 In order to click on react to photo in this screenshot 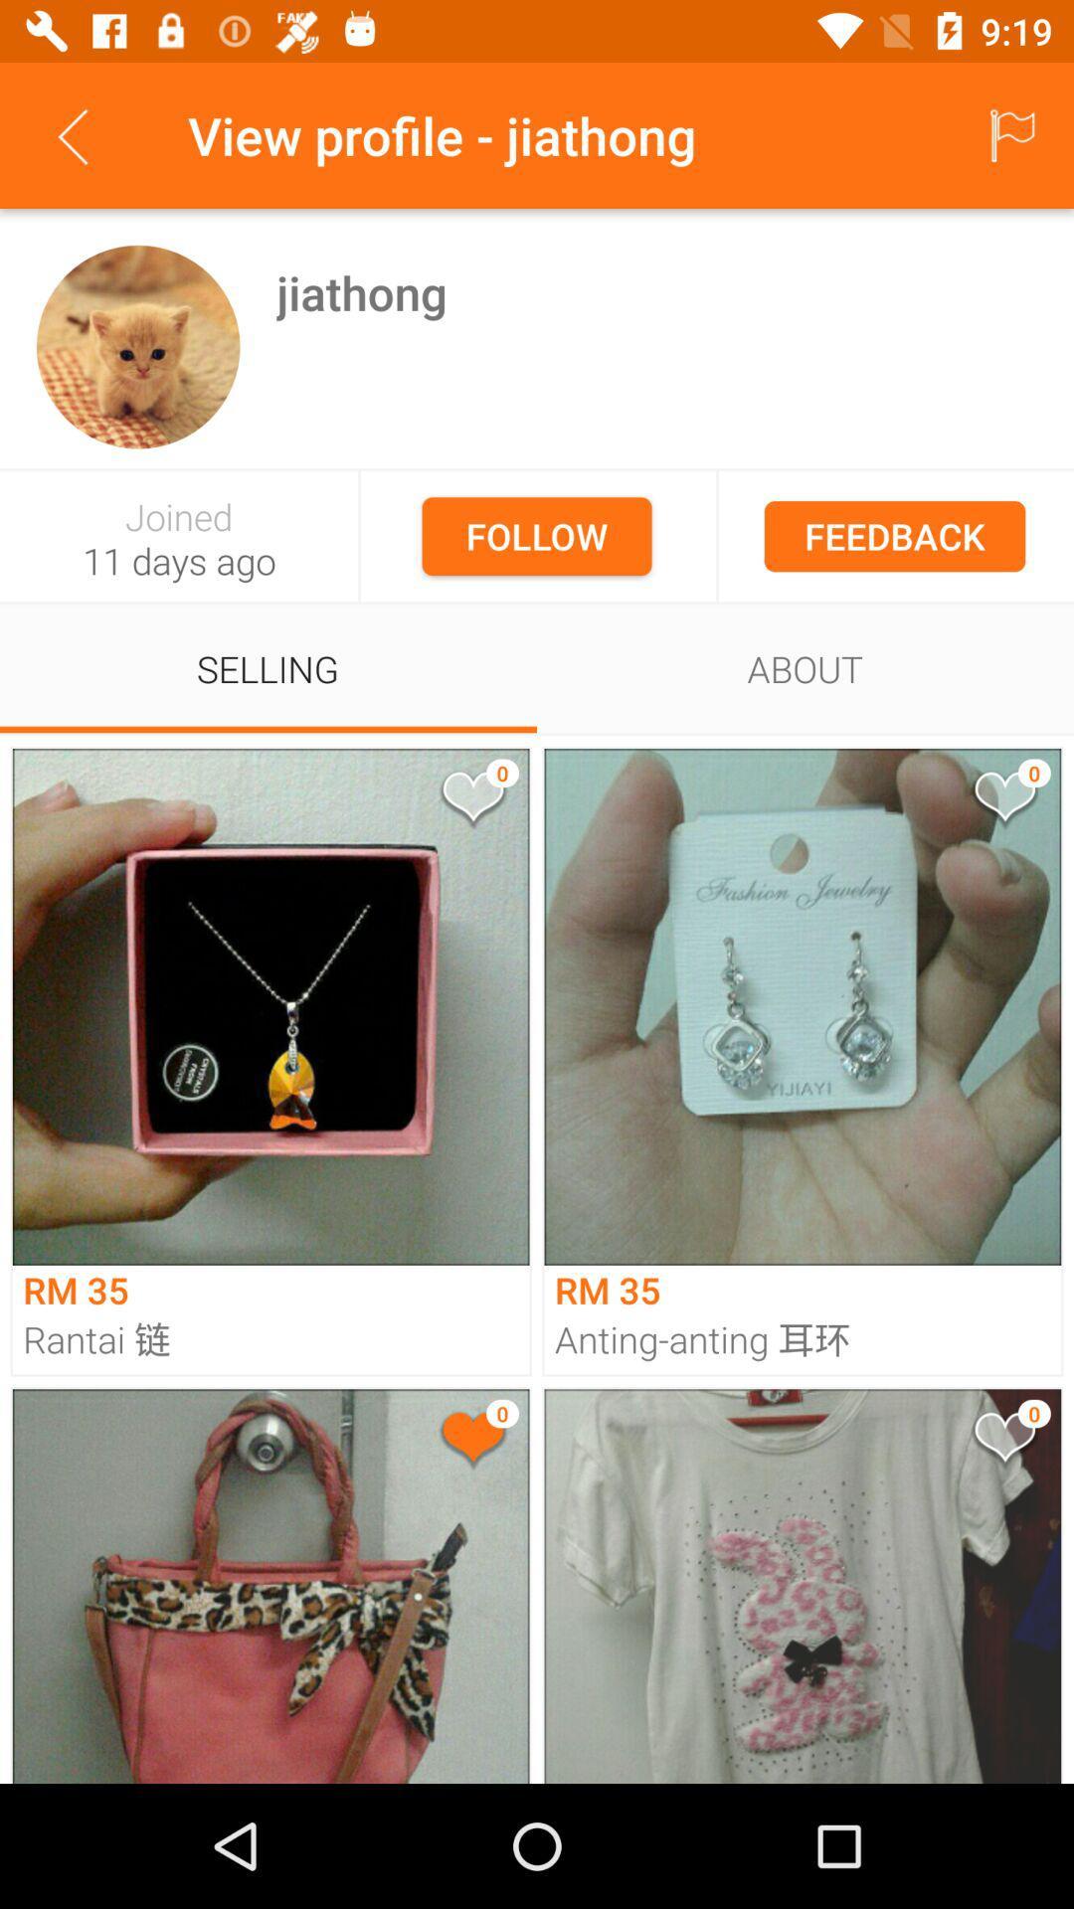, I will do `click(1003, 800)`.